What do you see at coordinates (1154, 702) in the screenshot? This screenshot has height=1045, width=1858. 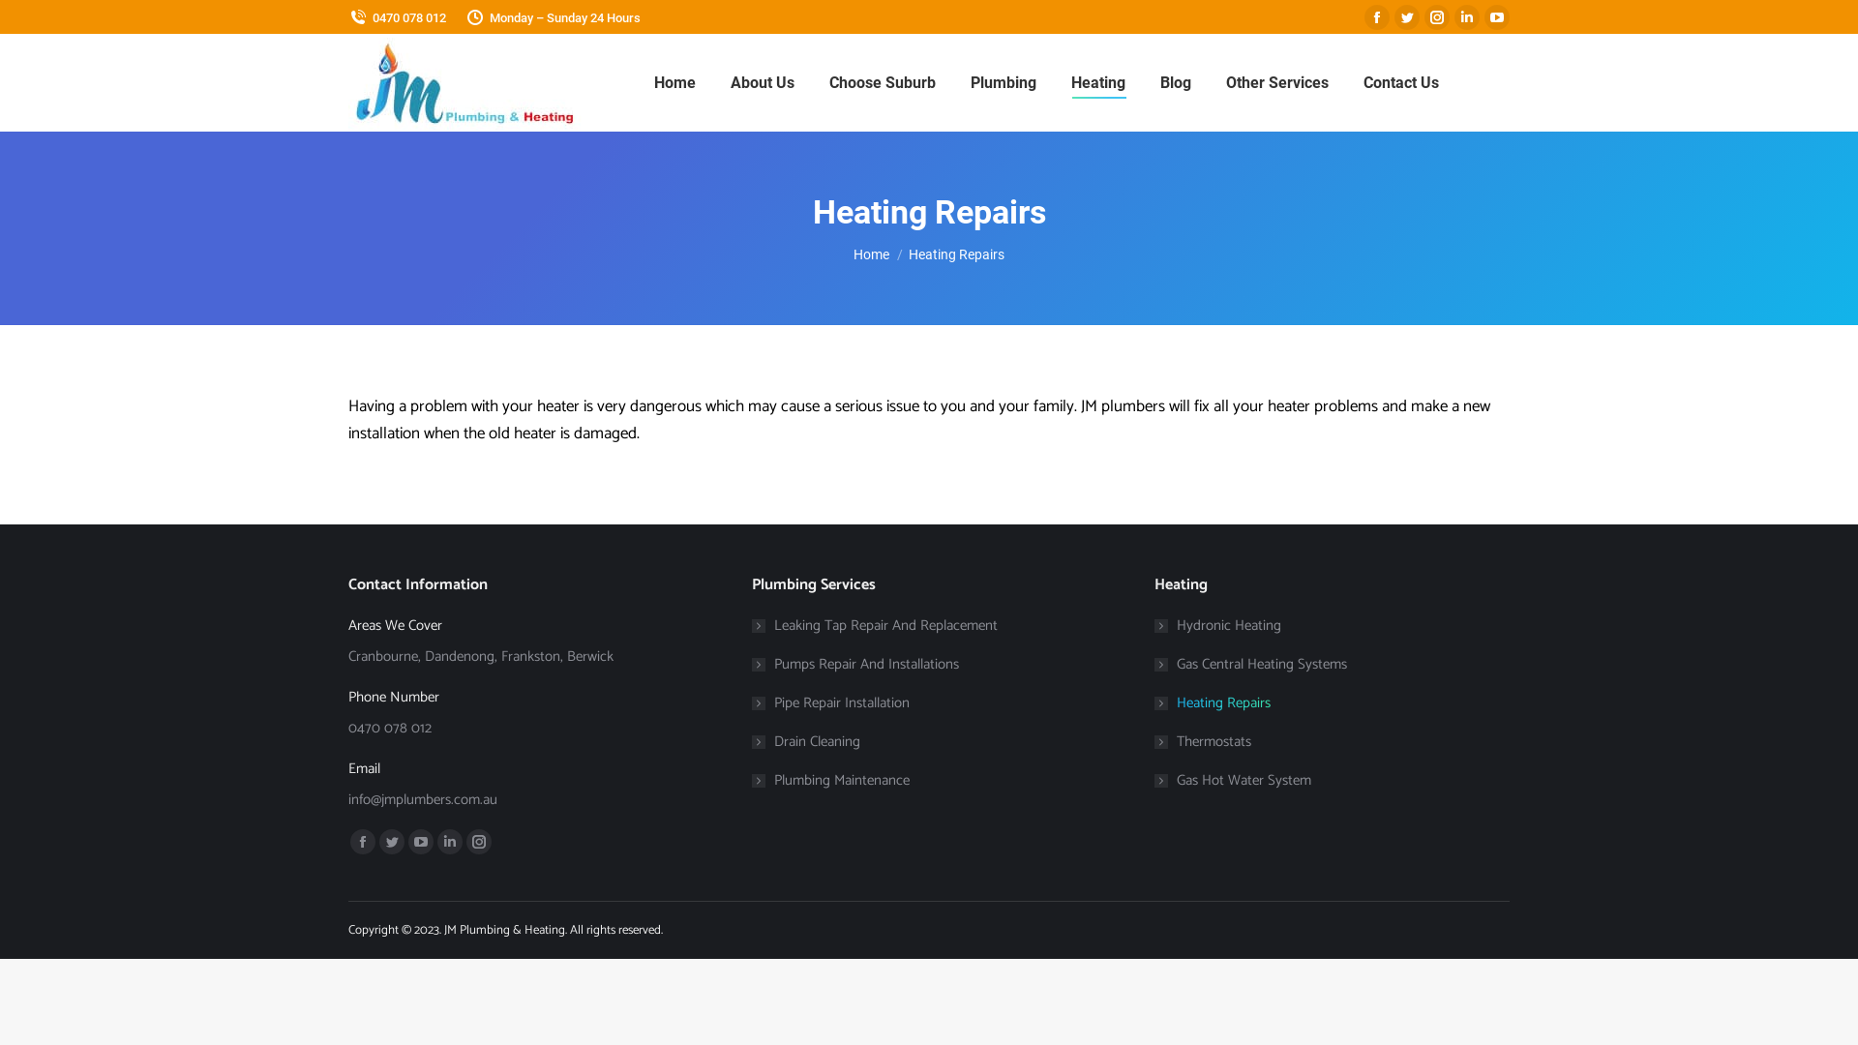 I see `'Heating Repairs'` at bounding box center [1154, 702].